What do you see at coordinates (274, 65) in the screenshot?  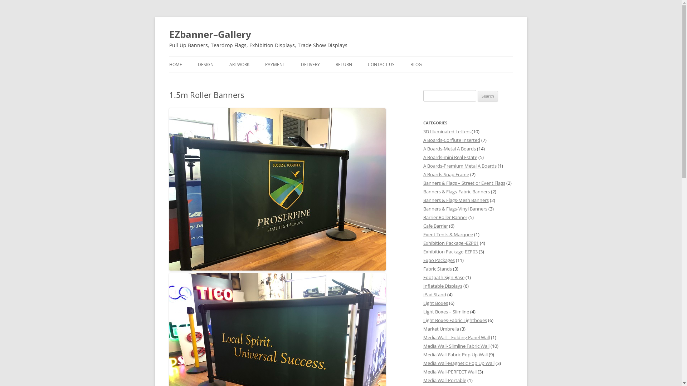 I see `'PAYMENT'` at bounding box center [274, 65].